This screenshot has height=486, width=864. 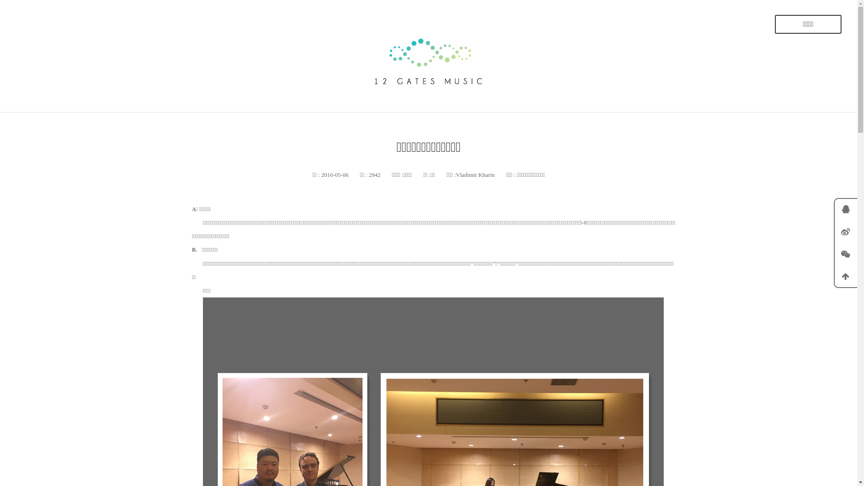 What do you see at coordinates (367, 175) in the screenshot?
I see `'2942'` at bounding box center [367, 175].